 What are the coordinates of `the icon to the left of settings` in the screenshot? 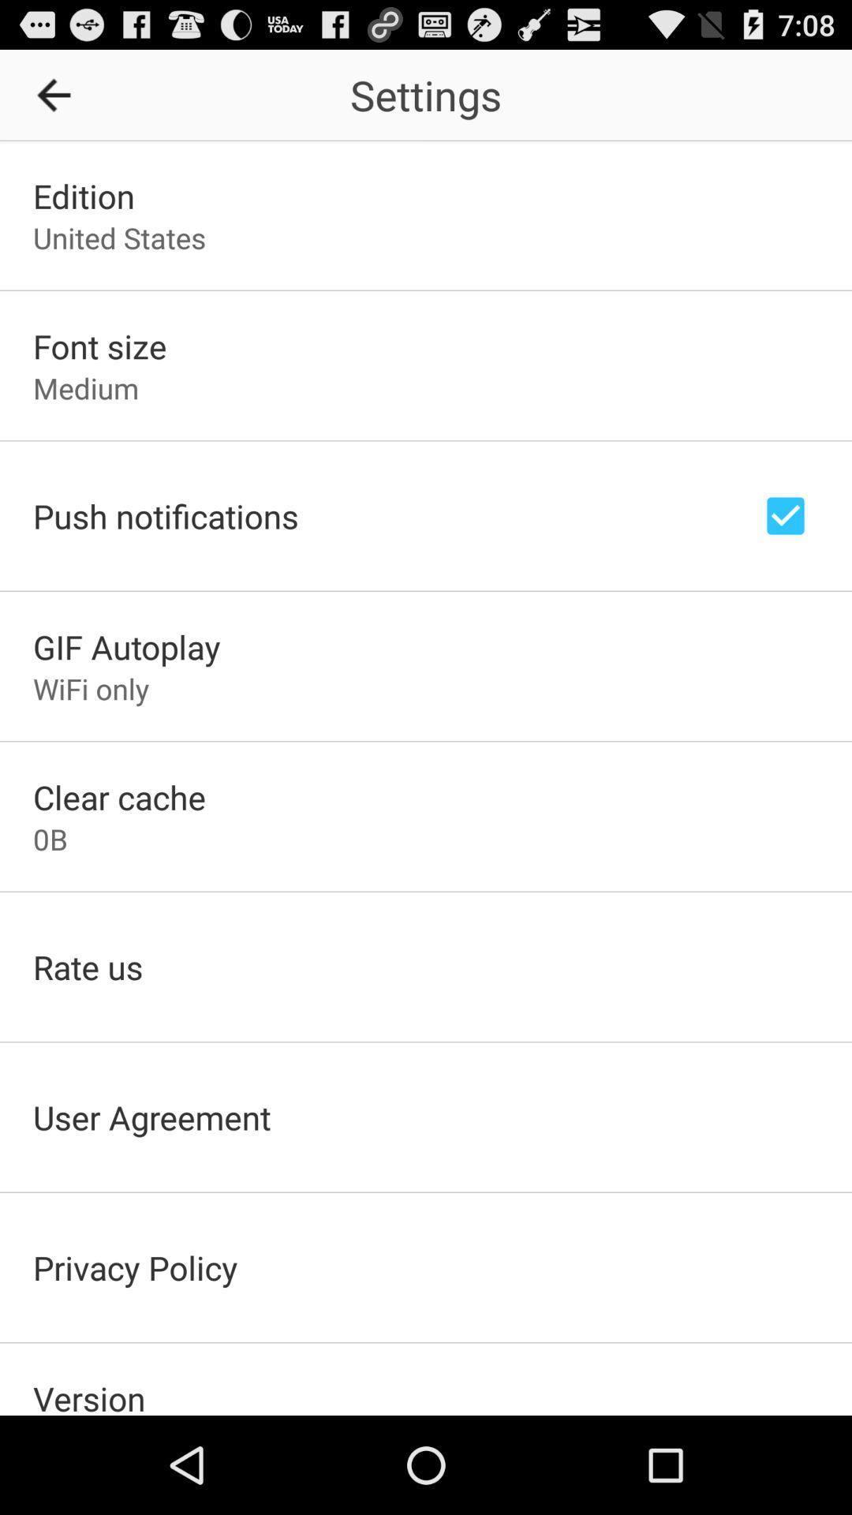 It's located at (58, 94).